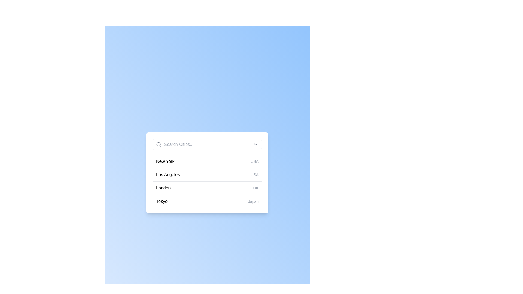  What do you see at coordinates (256, 188) in the screenshot?
I see `the text label displaying 'UK' located in the bottom-right area of the row, which has 'London' on the left` at bounding box center [256, 188].